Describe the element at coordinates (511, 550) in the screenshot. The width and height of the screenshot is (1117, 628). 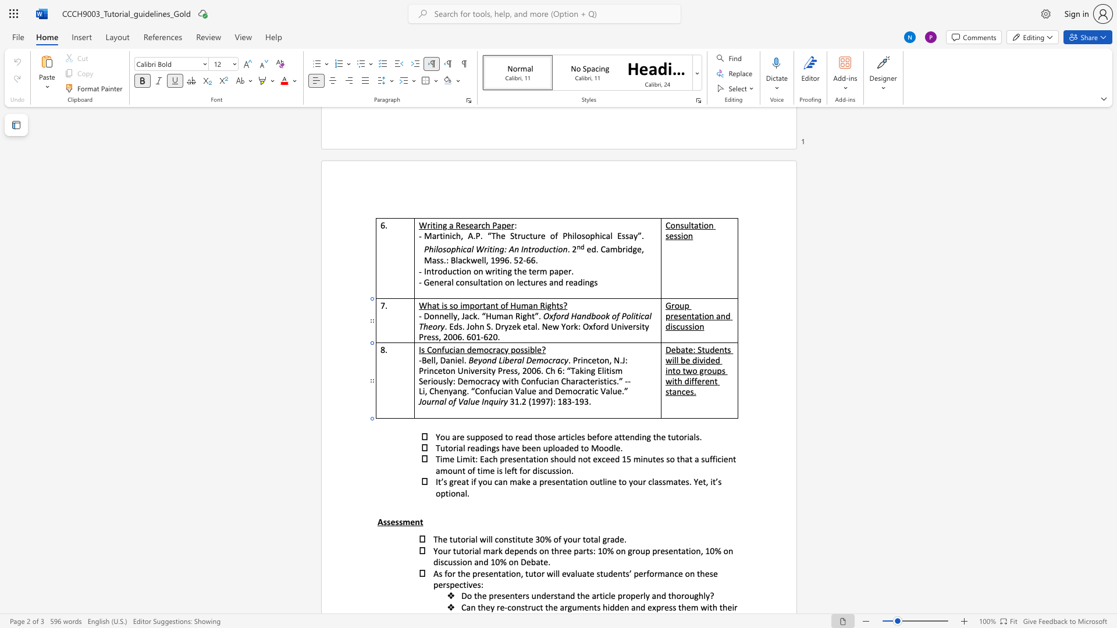
I see `the 1th character "e" in the text` at that location.